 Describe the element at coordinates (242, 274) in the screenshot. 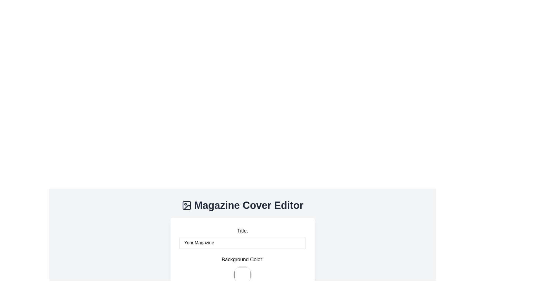

I see `the circular color selection component, which is styled as a button with a white fill and thin border` at that location.